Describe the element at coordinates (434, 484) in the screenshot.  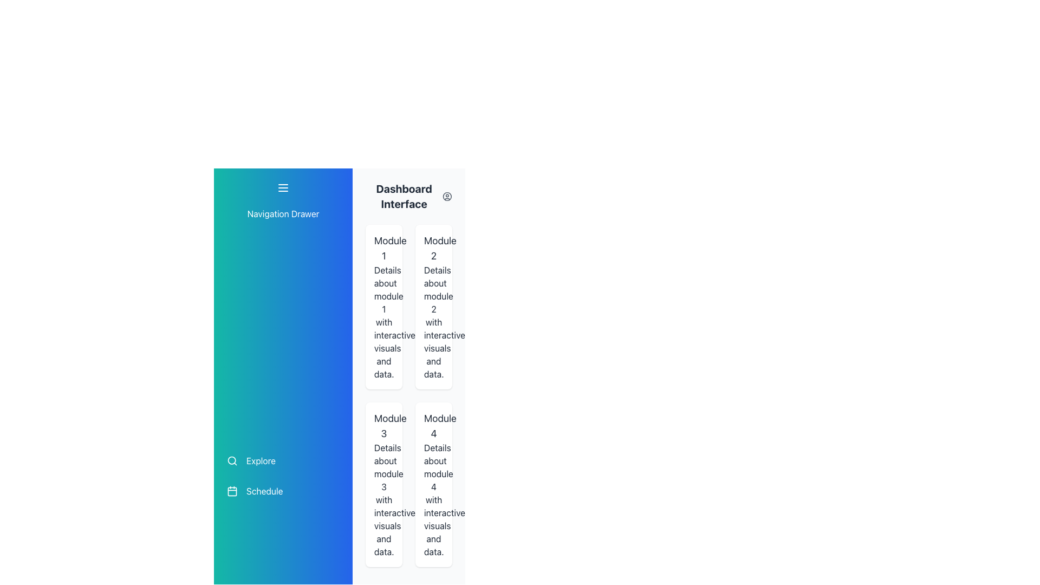
I see `details displayed in the informational card for 'Module 4', located in the middle-right section of the page under the title 'Dashboard Interface'` at that location.